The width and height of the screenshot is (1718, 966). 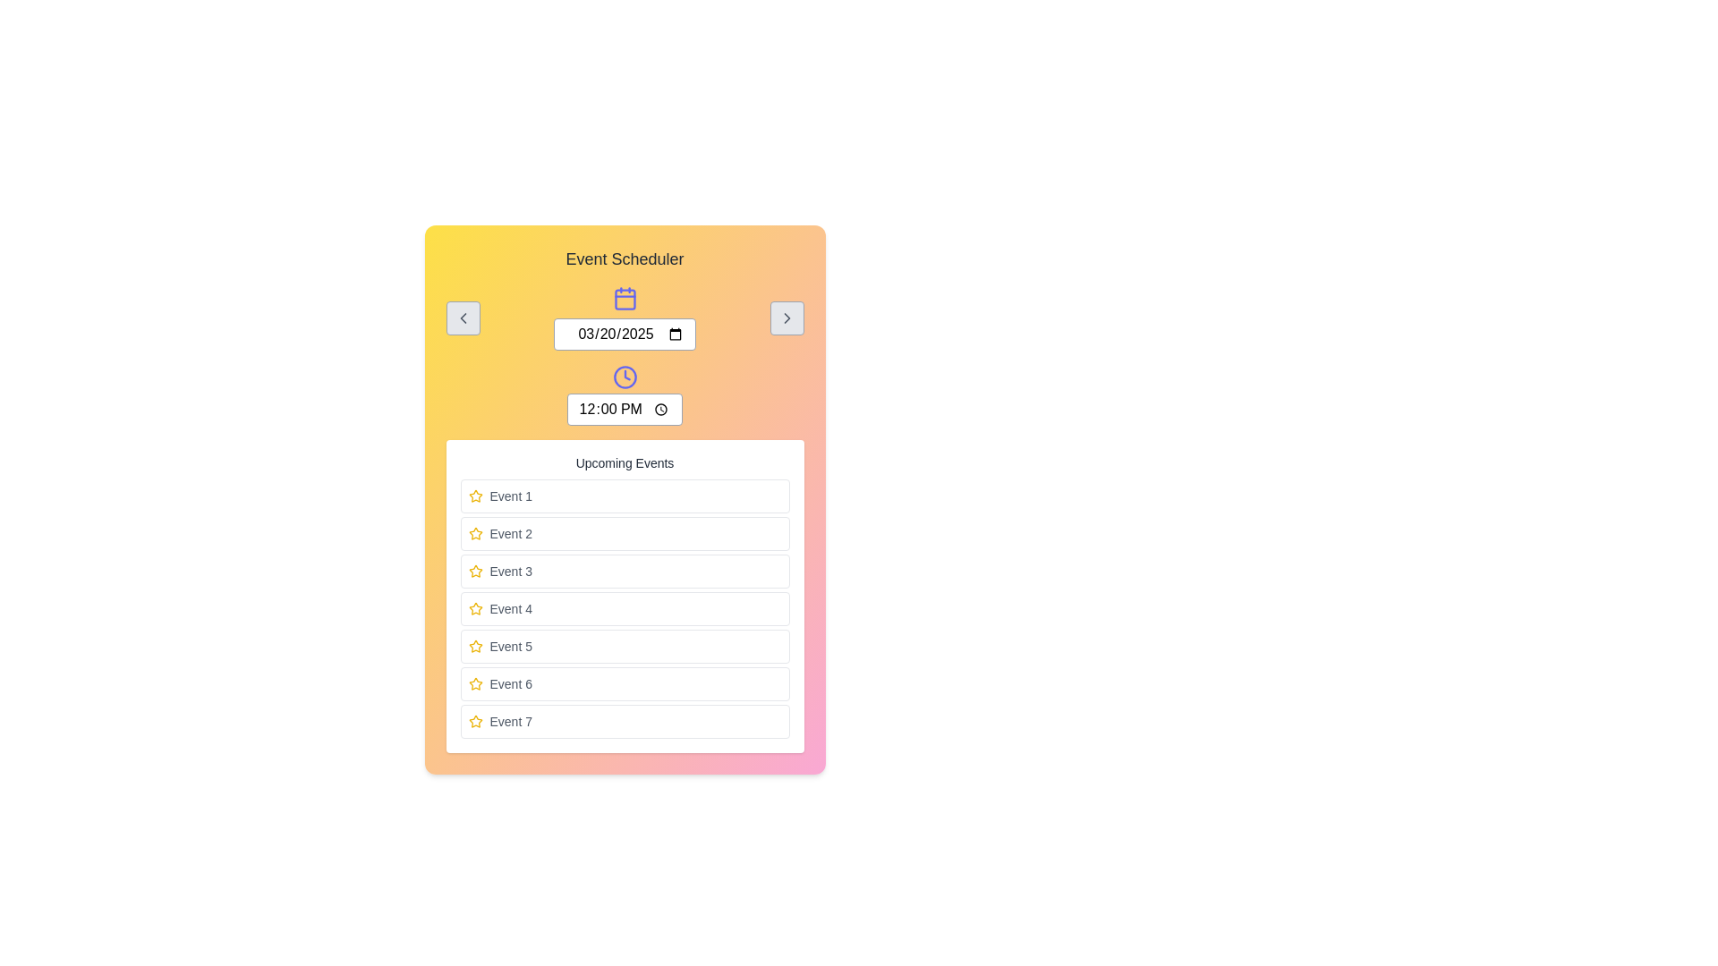 What do you see at coordinates (510, 572) in the screenshot?
I see `text content of the third event label located beneath the 'Upcoming Events' section, aligned with a star icon` at bounding box center [510, 572].